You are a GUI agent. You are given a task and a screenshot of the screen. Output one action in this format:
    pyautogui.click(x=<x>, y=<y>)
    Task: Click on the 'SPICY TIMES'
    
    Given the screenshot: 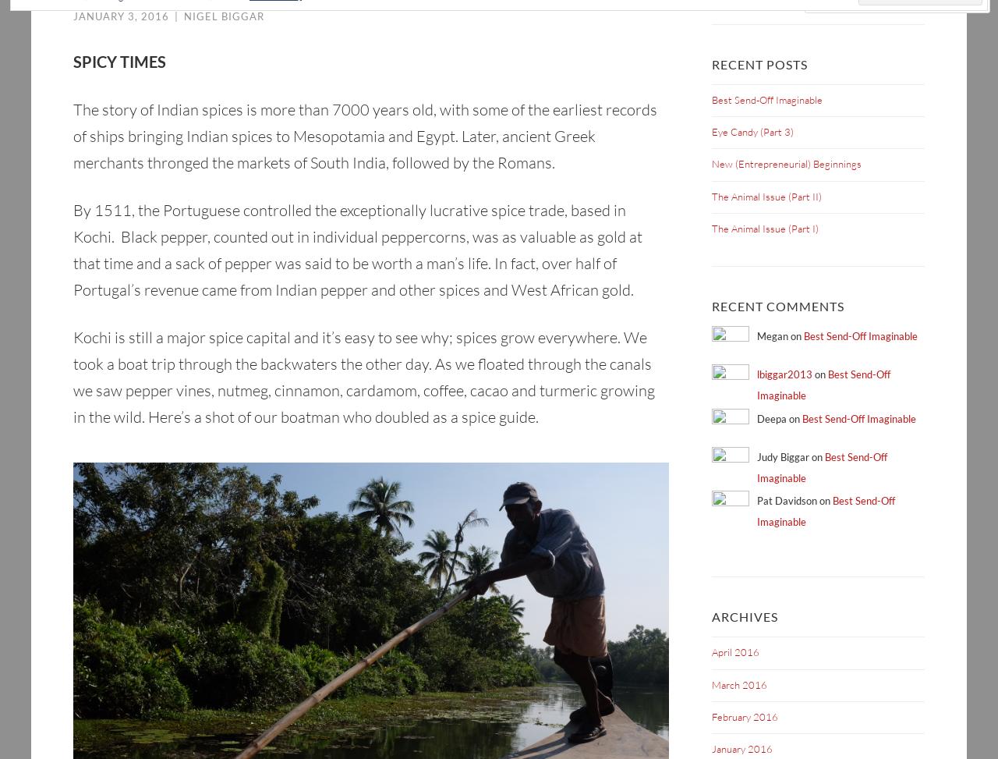 What is the action you would take?
    pyautogui.click(x=119, y=61)
    